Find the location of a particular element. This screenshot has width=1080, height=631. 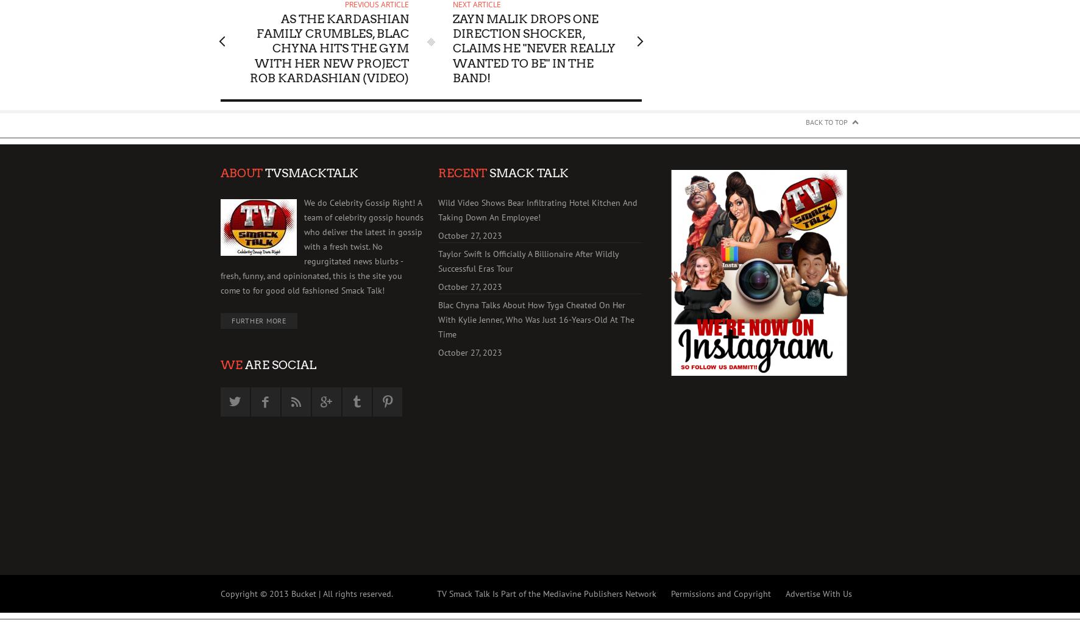

'We do Celebrity Gossip Right! A team of celebrity gossip hounds who deliver the latest in gossip with a fresh twist. No regurgitated news blurbs - fresh, funny, and opinionated, this is the site you come to for good old fashioned Smack Talk!' is located at coordinates (221, 246).